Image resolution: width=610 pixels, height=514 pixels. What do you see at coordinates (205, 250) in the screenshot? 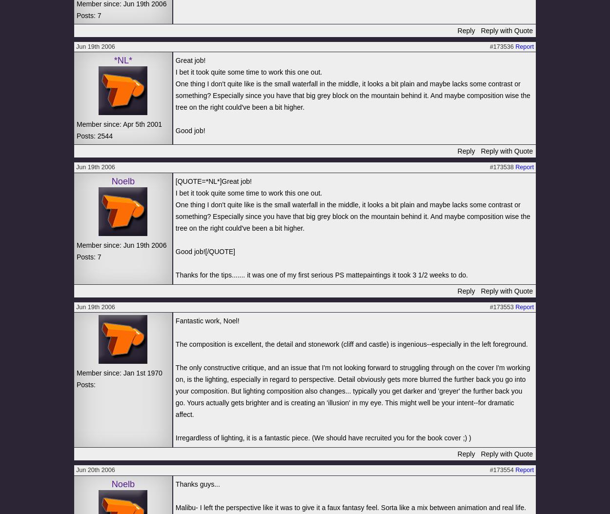
I see `'Good job![/QUOTE]'` at bounding box center [205, 250].